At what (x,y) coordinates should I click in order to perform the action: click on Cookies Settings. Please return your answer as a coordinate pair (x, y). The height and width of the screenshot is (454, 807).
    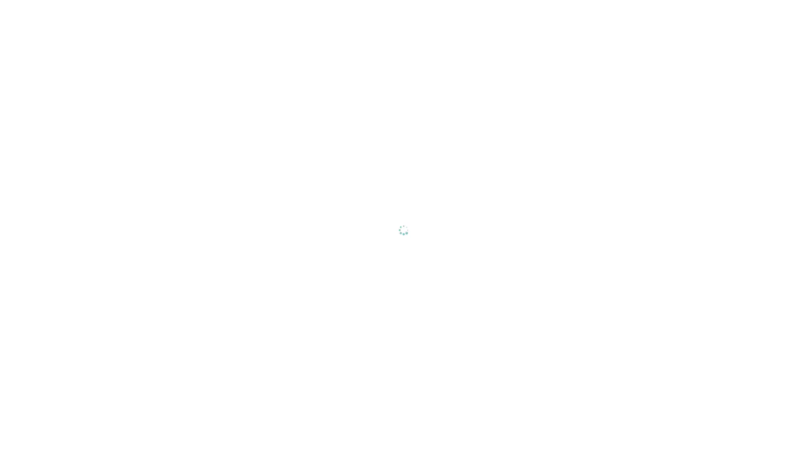
    Looking at the image, I should click on (310, 95).